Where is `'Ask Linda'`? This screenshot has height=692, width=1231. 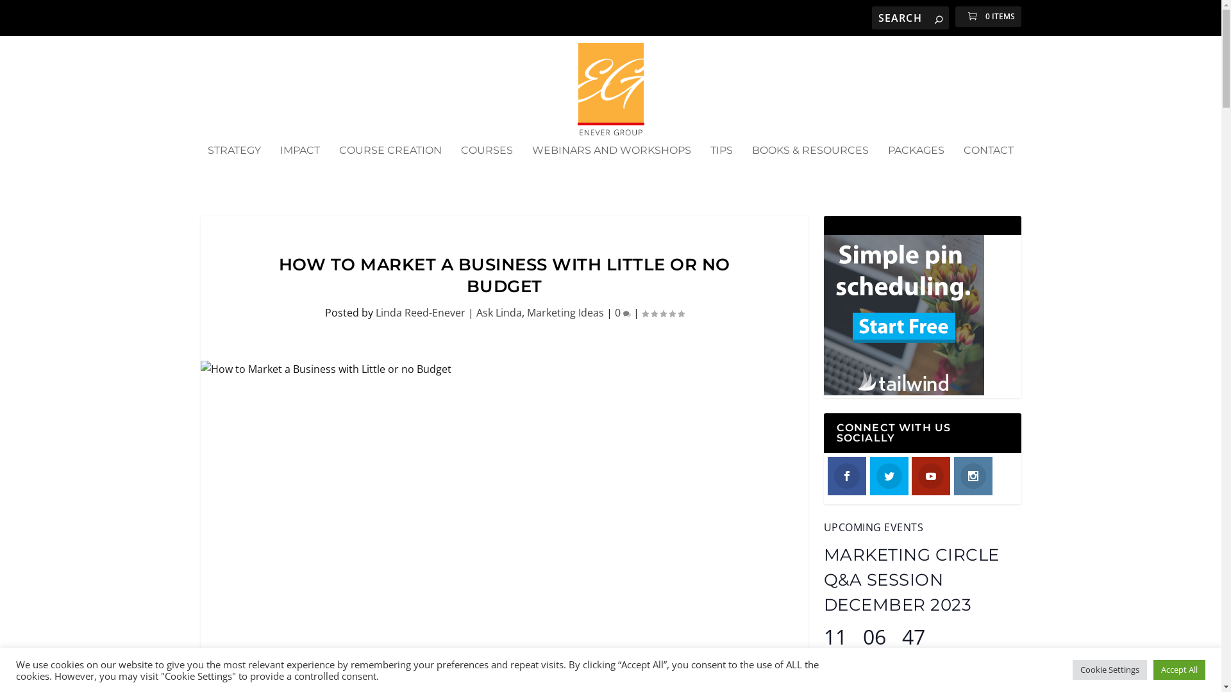 'Ask Linda' is located at coordinates (498, 313).